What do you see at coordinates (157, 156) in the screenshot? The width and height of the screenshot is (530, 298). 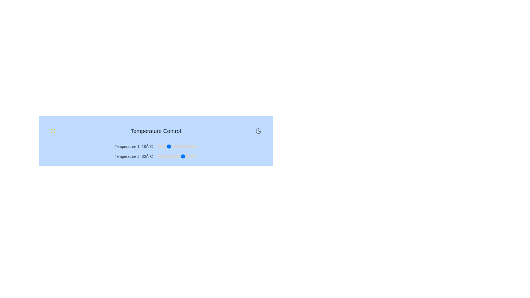 I see `temperature for the second slider` at bounding box center [157, 156].